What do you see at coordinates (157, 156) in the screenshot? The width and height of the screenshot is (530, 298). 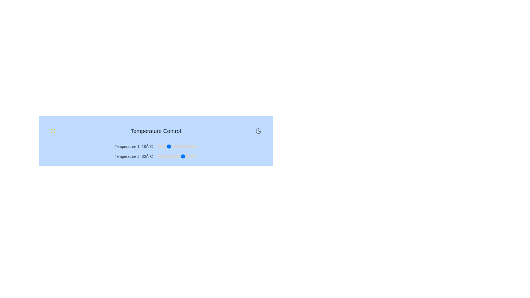 I see `temperature for the second slider` at bounding box center [157, 156].